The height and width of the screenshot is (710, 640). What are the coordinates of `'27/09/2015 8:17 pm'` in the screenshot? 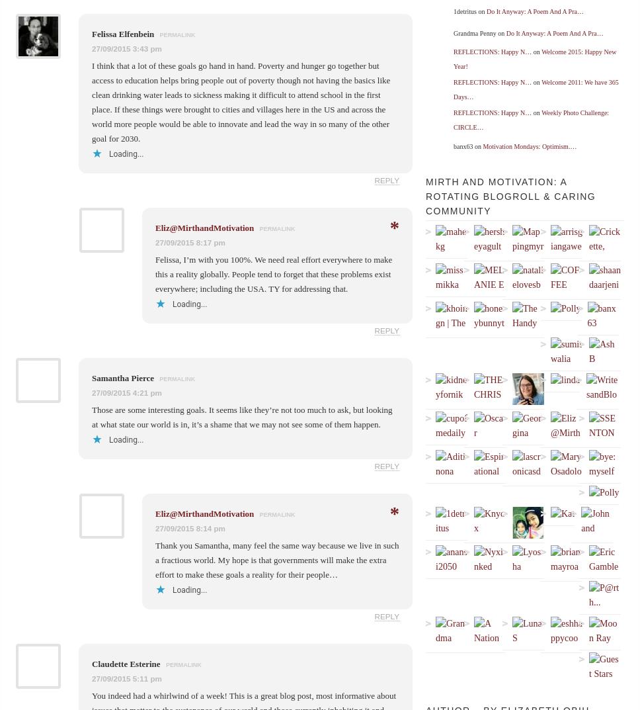 It's located at (189, 241).